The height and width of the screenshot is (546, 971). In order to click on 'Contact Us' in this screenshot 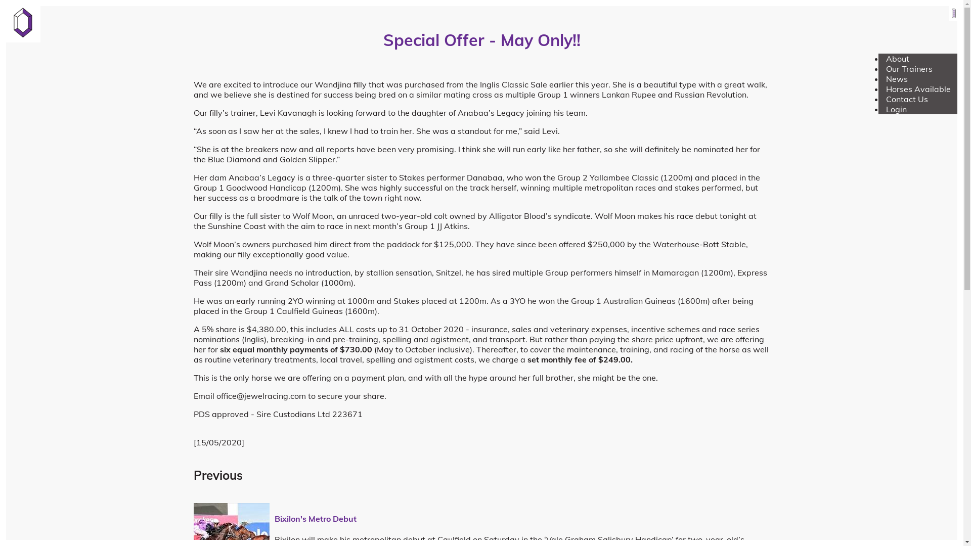, I will do `click(907, 99)`.